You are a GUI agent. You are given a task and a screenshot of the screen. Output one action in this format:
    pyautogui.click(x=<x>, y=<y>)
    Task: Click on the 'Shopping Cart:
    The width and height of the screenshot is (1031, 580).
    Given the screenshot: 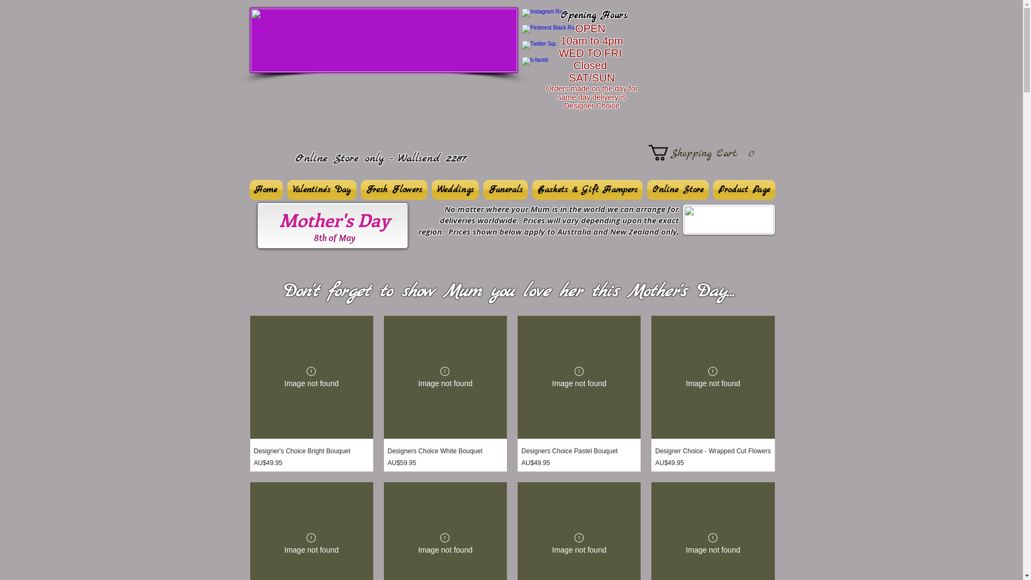 What is the action you would take?
    pyautogui.click(x=648, y=153)
    